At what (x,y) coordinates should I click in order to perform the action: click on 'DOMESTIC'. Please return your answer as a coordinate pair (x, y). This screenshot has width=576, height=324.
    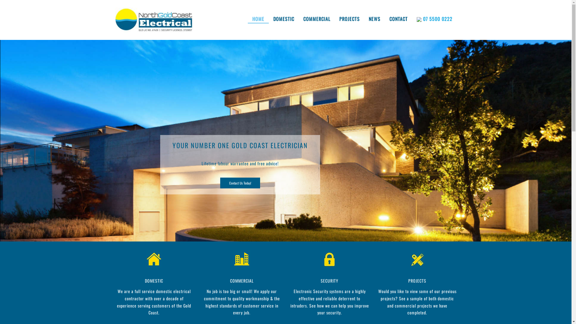
    Looking at the image, I should click on (283, 18).